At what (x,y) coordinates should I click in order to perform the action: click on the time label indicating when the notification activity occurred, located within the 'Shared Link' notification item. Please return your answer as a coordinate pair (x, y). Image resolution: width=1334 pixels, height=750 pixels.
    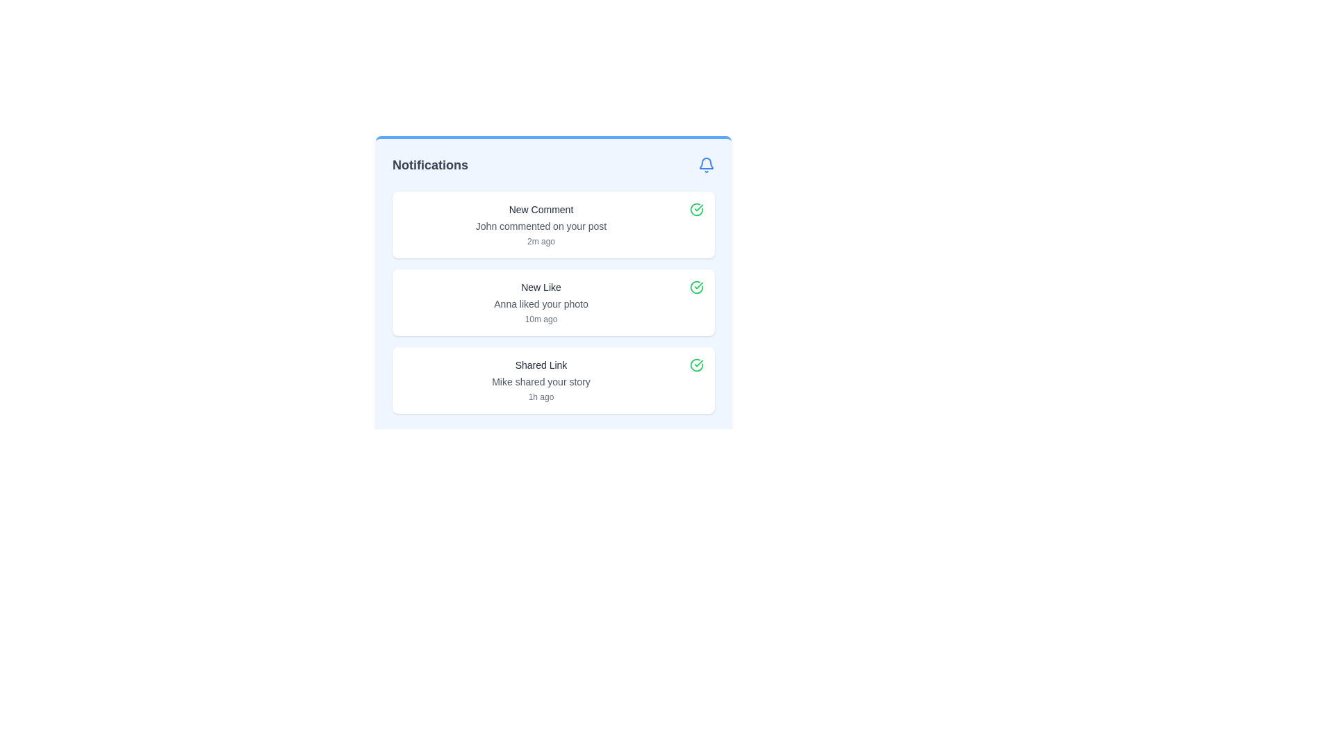
    Looking at the image, I should click on (540, 397).